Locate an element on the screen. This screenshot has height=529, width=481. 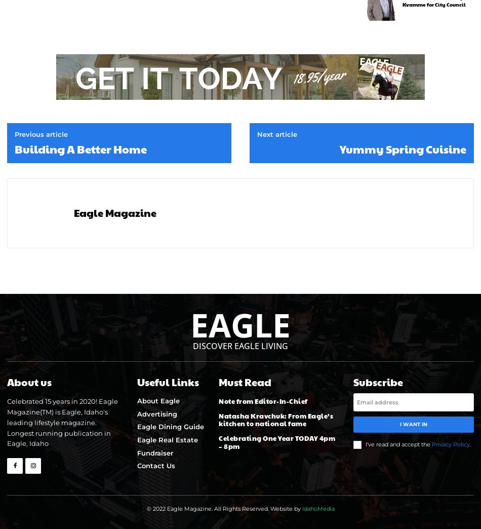
'Celebrating One Year TODAY 4pm – 8pm' is located at coordinates (218, 441).